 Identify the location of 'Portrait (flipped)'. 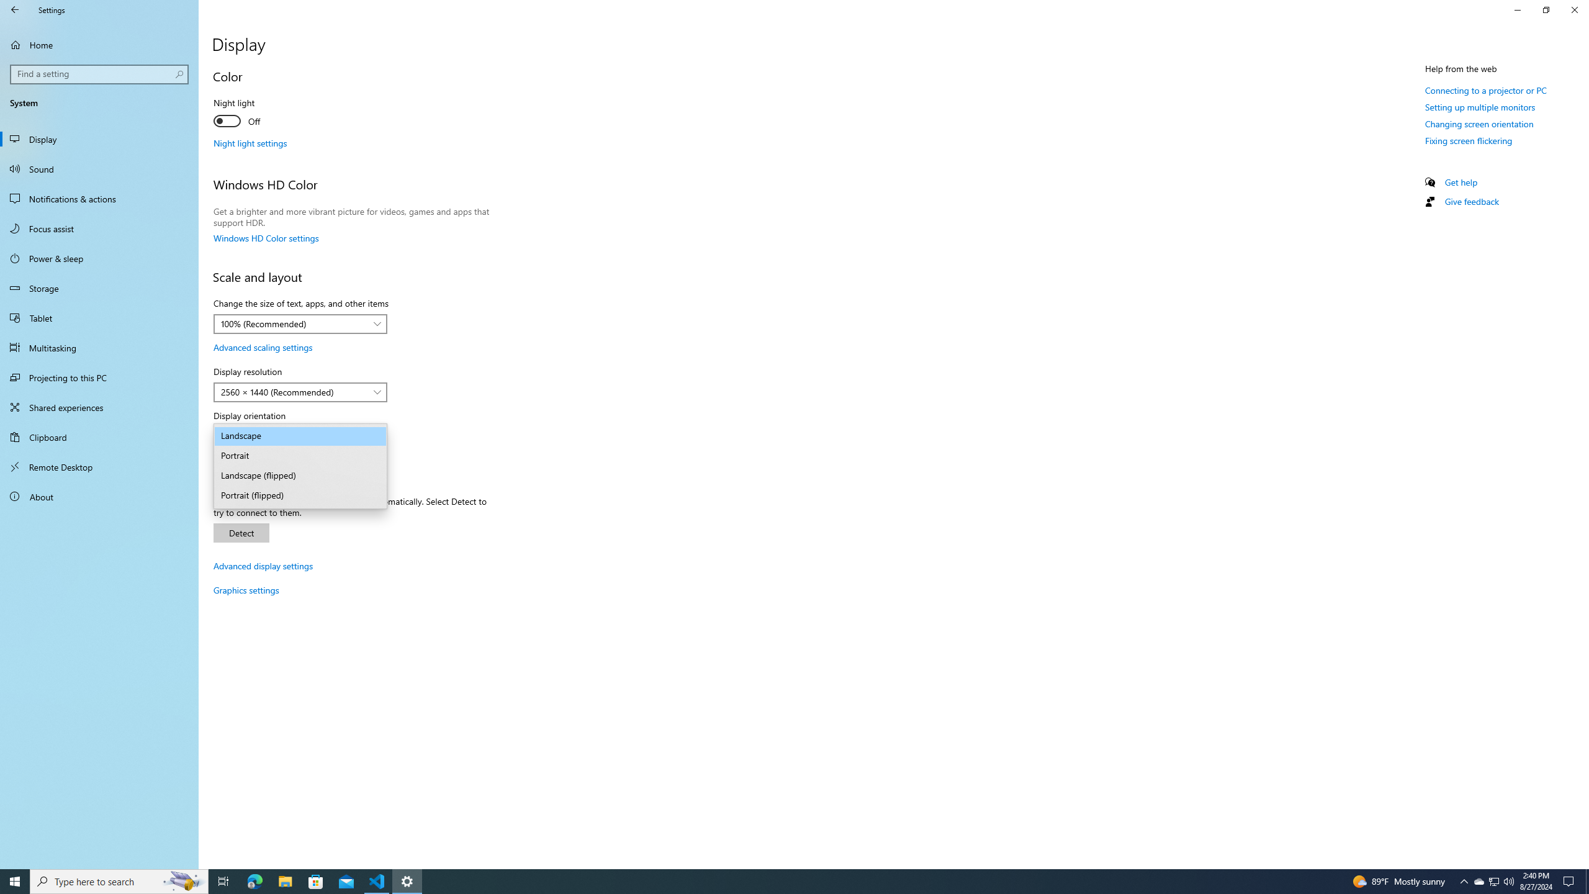
(299, 495).